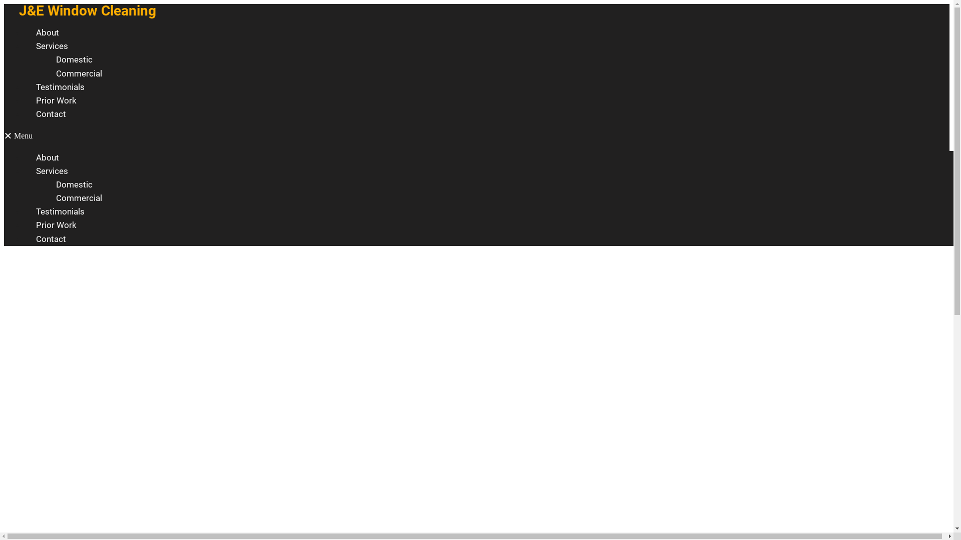 This screenshot has height=540, width=961. I want to click on 'Domestic', so click(74, 59).